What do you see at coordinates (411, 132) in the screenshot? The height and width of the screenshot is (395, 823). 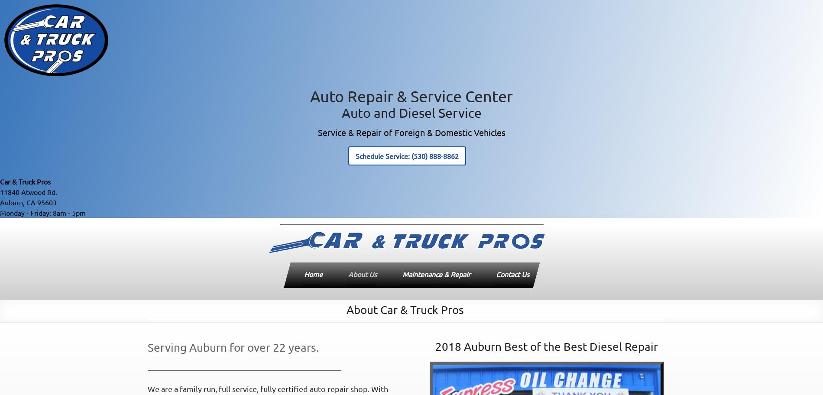 I see `'Service & Repair of Foreign & Domestic Vehicles'` at bounding box center [411, 132].